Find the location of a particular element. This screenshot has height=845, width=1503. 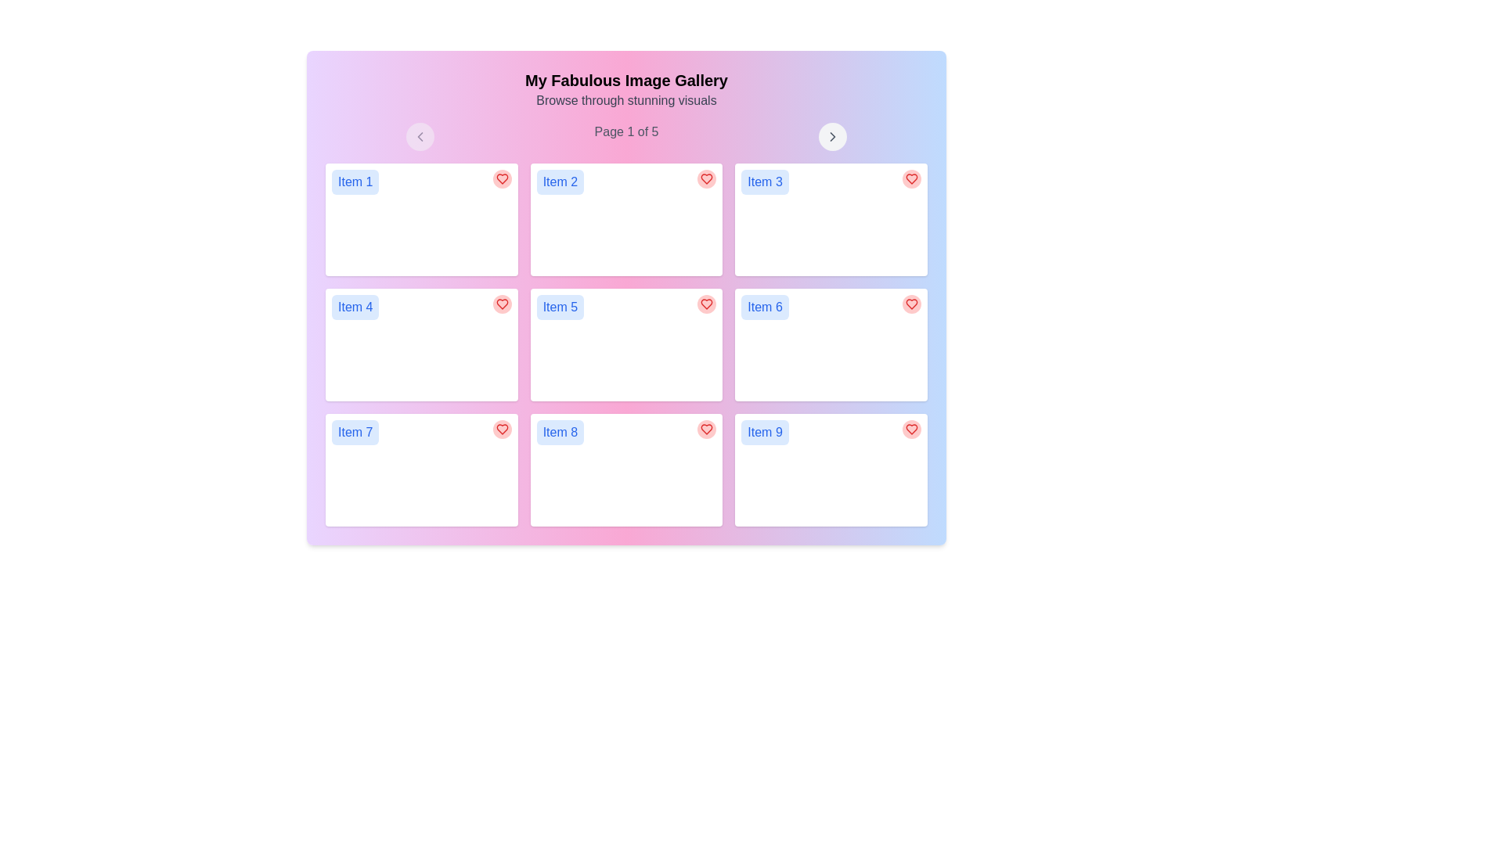

the right navigation chevron icon is located at coordinates (832, 135).